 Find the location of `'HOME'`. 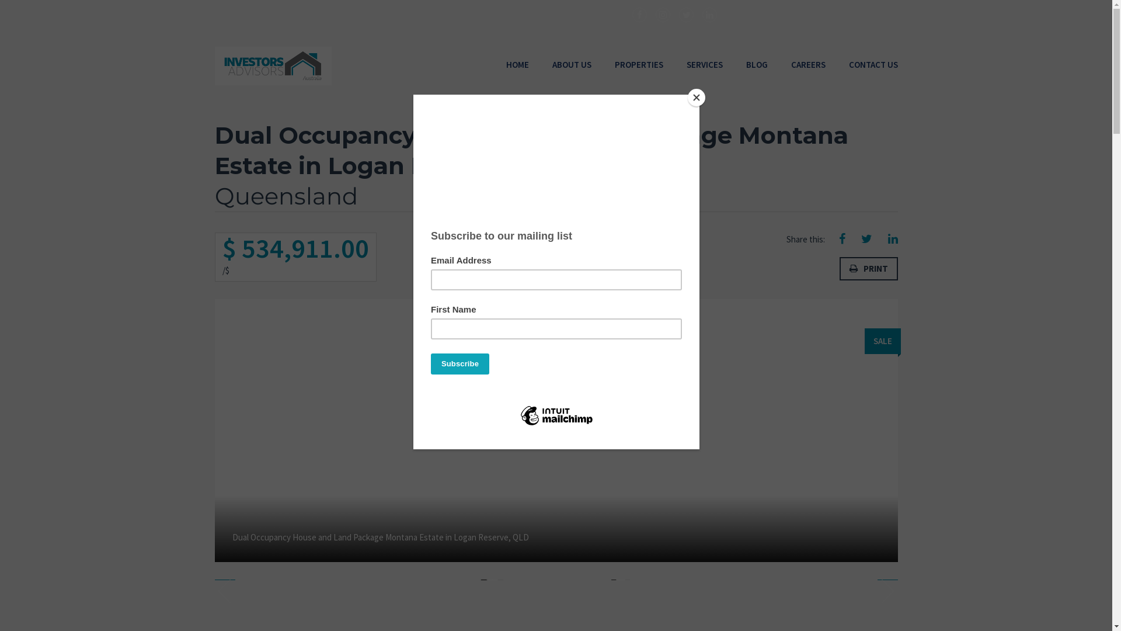

'HOME' is located at coordinates (516, 65).